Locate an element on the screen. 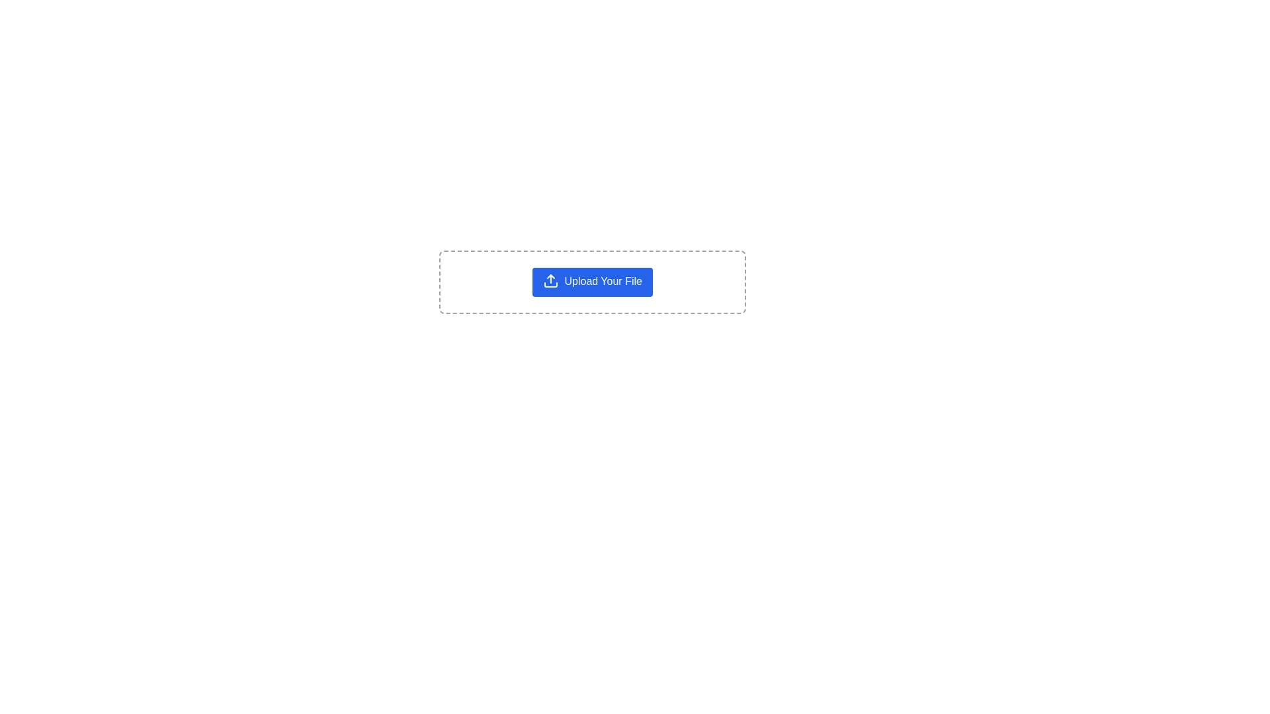 The width and height of the screenshot is (1270, 714). the decorative vector line that serves as the base of the upload icon, located underneath the arrow and base of the icon is located at coordinates (551, 284).